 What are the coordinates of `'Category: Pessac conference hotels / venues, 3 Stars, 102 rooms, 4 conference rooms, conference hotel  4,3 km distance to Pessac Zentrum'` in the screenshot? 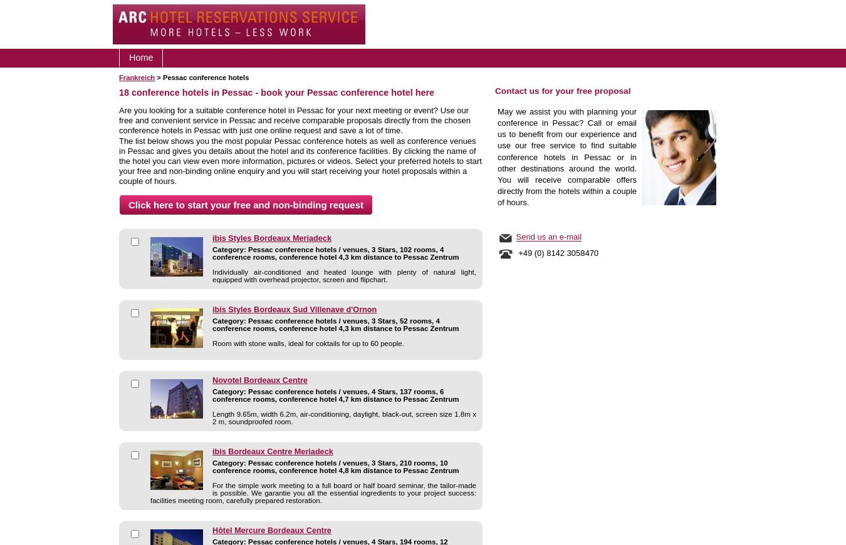 It's located at (335, 253).